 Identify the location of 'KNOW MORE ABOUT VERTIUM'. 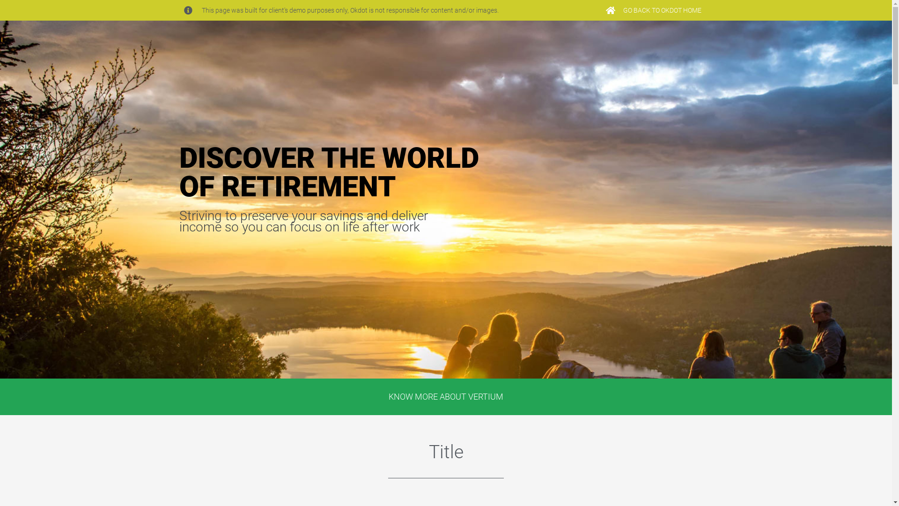
(445, 397).